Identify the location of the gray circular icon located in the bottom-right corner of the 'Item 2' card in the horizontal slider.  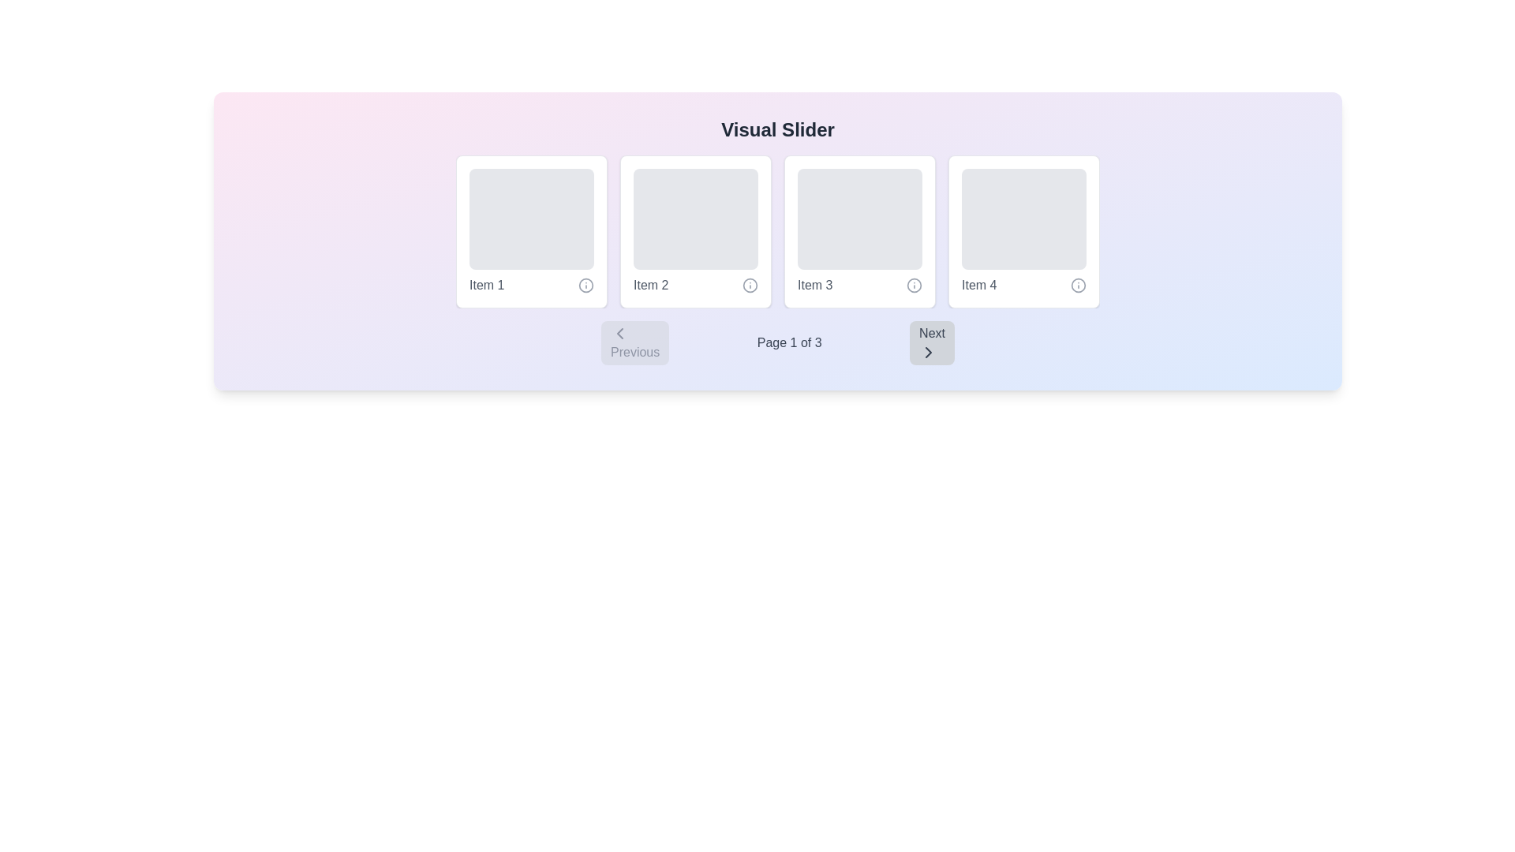
(749, 286).